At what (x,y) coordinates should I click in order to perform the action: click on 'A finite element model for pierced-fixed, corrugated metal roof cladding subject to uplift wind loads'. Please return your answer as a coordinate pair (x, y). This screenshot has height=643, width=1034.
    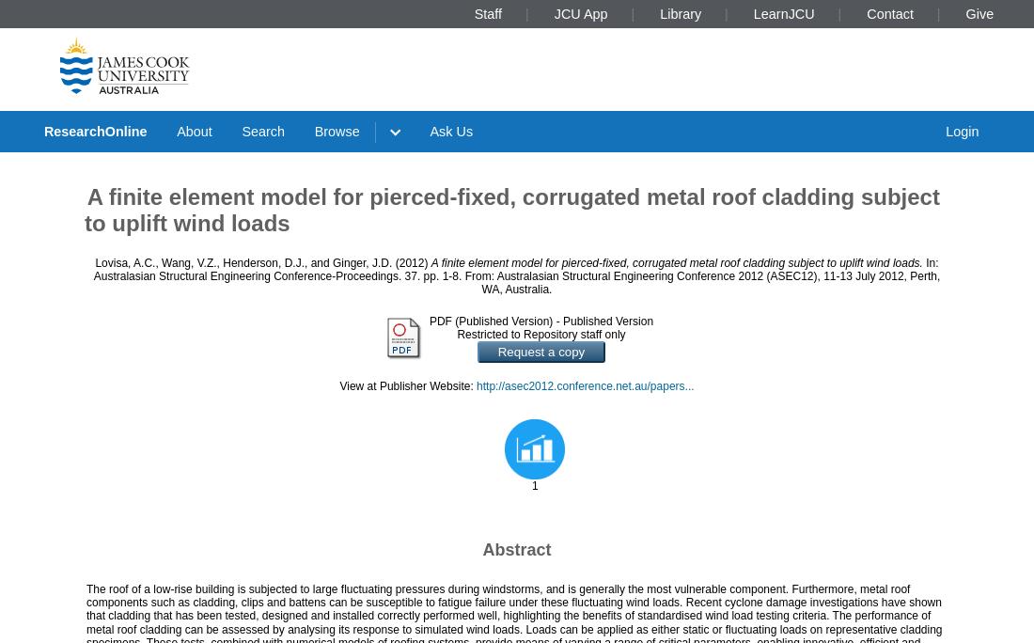
    Looking at the image, I should click on (511, 210).